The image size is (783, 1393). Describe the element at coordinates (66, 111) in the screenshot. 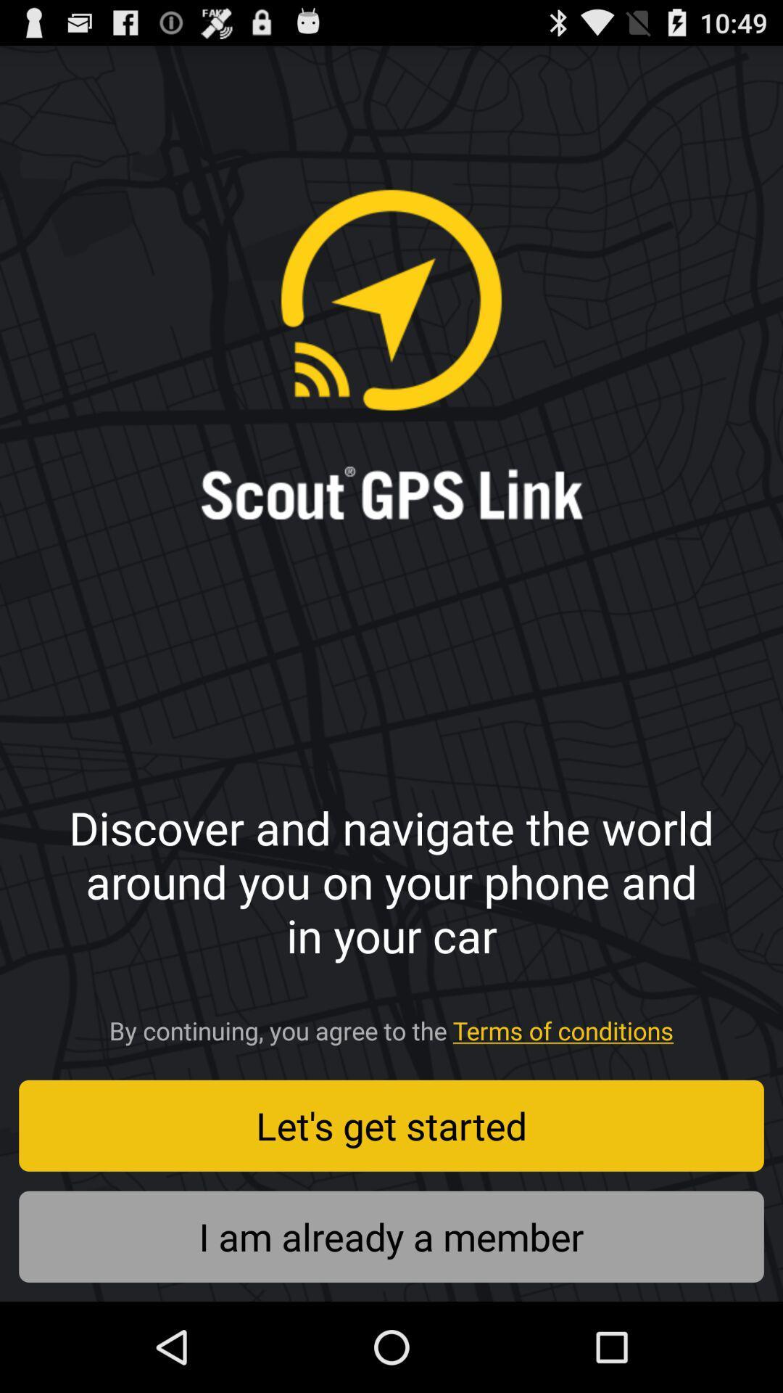

I see `the icon at the top left corner` at that location.